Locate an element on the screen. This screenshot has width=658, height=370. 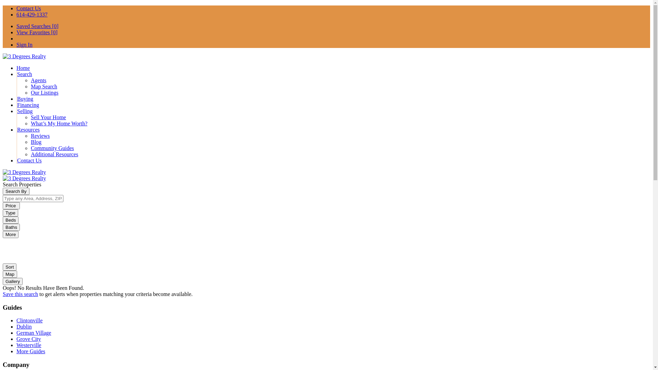
'Map' is located at coordinates (10, 274).